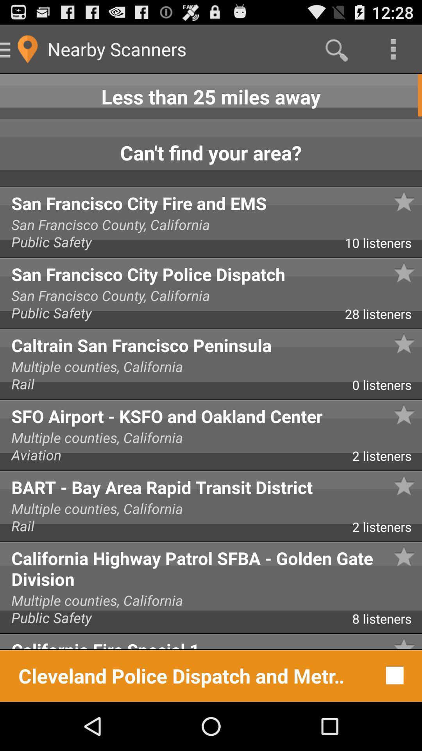 The width and height of the screenshot is (422, 751). What do you see at coordinates (387, 621) in the screenshot?
I see `the app above the california fire special icon` at bounding box center [387, 621].